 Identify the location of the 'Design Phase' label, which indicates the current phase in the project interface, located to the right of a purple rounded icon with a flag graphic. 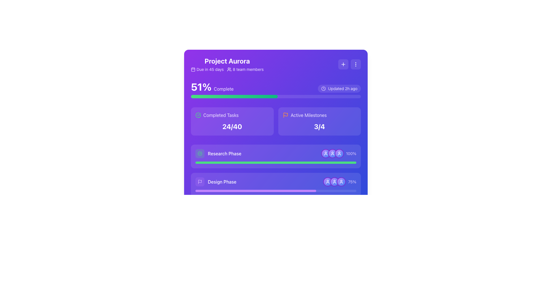
(222, 182).